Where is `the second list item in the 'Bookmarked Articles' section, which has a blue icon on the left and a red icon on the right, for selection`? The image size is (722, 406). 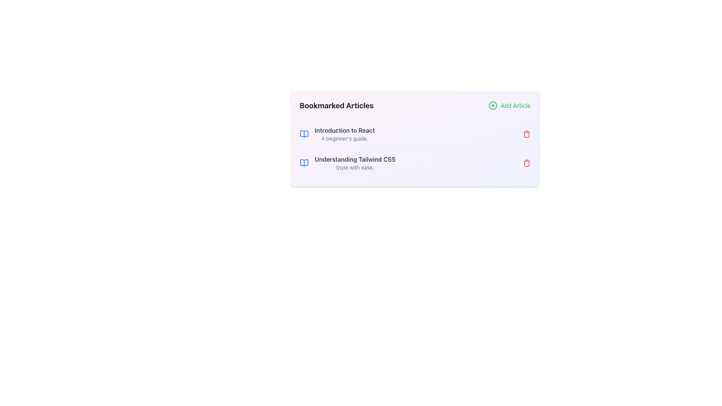 the second list item in the 'Bookmarked Articles' section, which has a blue icon on the left and a red icon on the right, for selection is located at coordinates (415, 148).